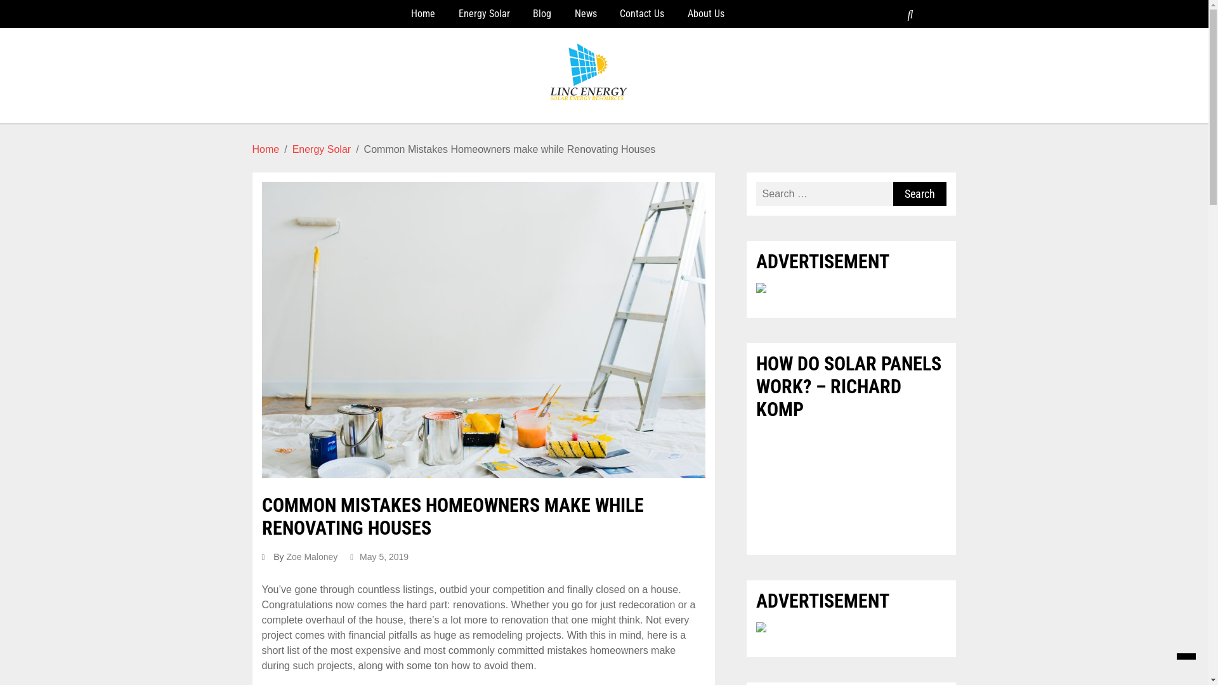  I want to click on 'Home', so click(400, 14).